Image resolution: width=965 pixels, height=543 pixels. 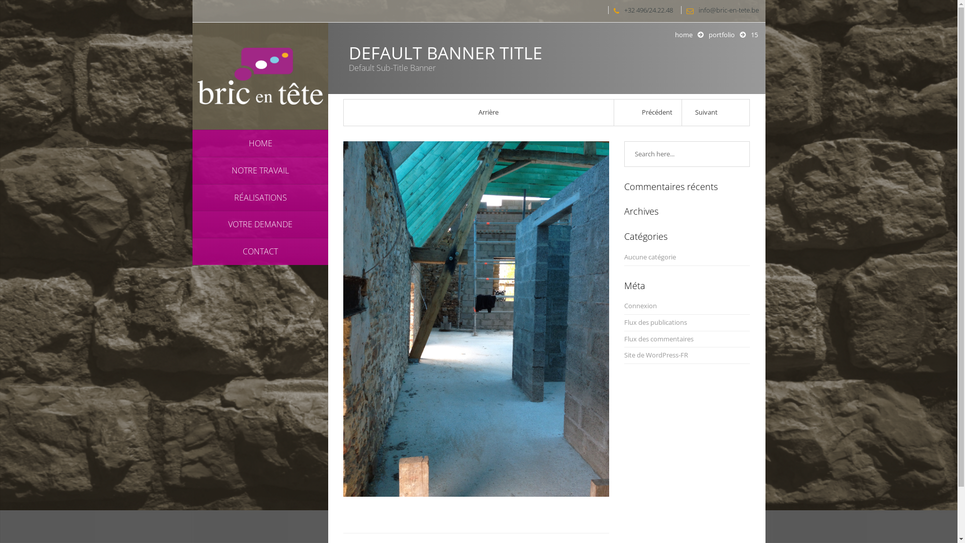 What do you see at coordinates (624, 322) in the screenshot?
I see `'Flux des publications'` at bounding box center [624, 322].